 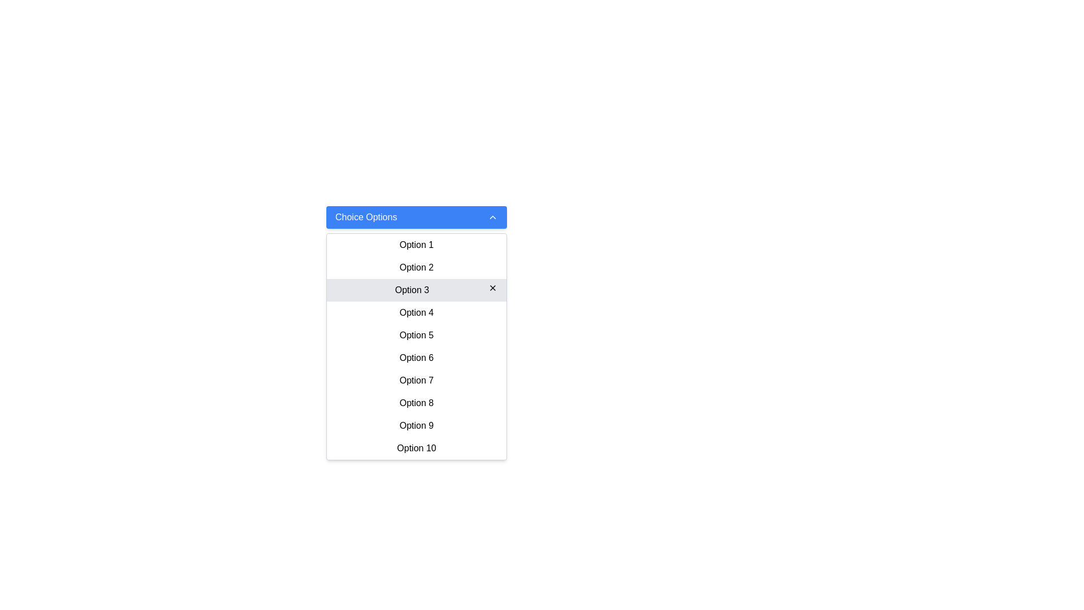 I want to click on the small square-shaped button with an upward-facing arrow icon located at the top-right corner of the blue bar labeled 'Choice Options', so click(x=493, y=217).